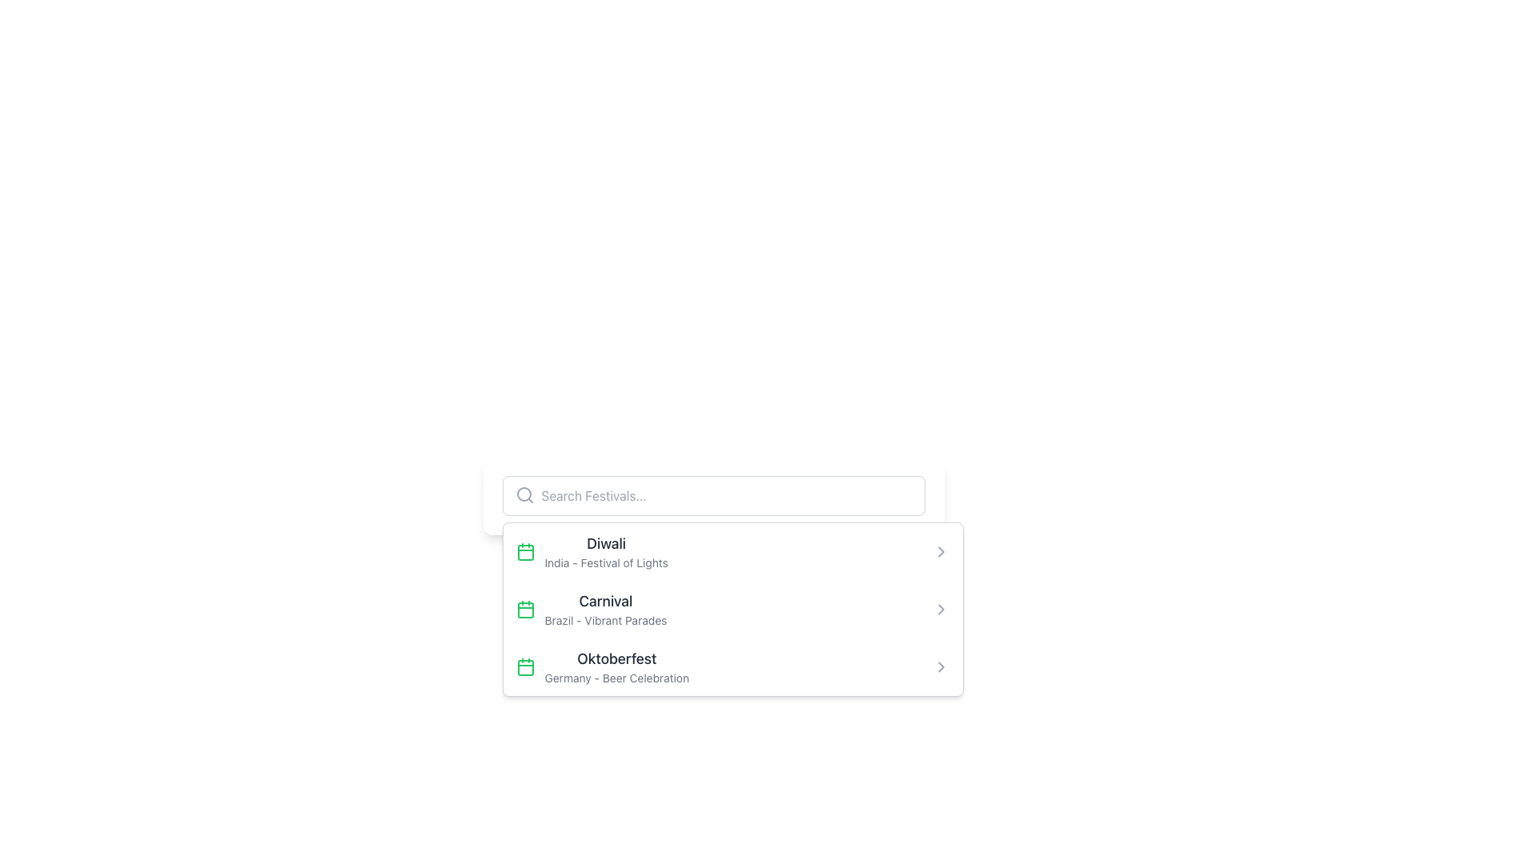  What do you see at coordinates (524, 494) in the screenshot?
I see `styling of the magnifying glass icon, which is gray and located to the left of the text input field in the search bar` at bounding box center [524, 494].